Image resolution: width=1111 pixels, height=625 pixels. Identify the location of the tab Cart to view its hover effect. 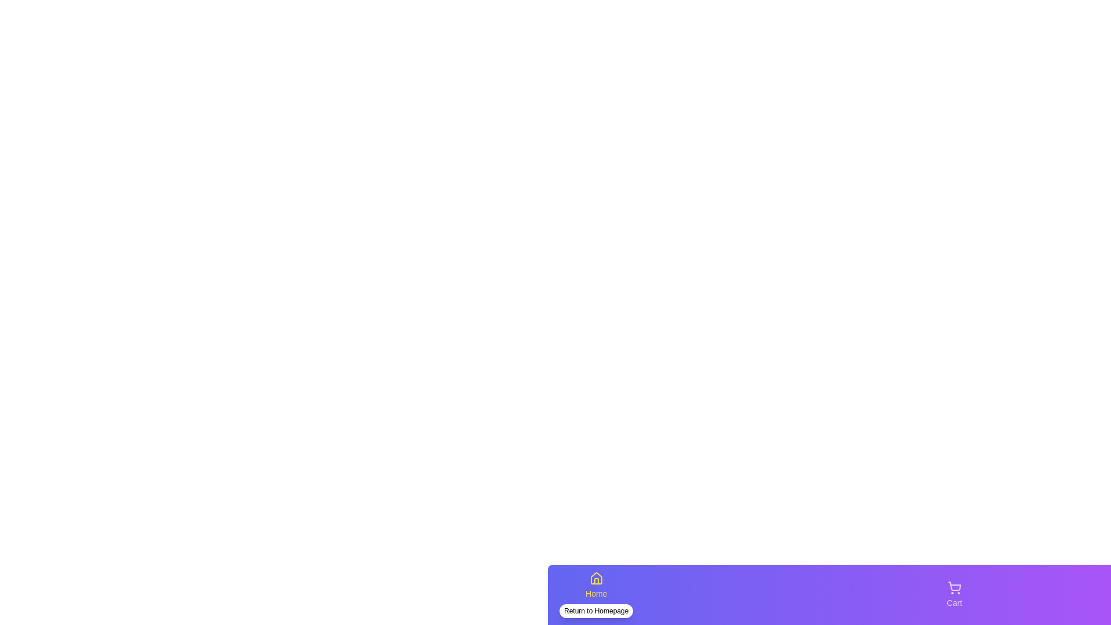
(954, 595).